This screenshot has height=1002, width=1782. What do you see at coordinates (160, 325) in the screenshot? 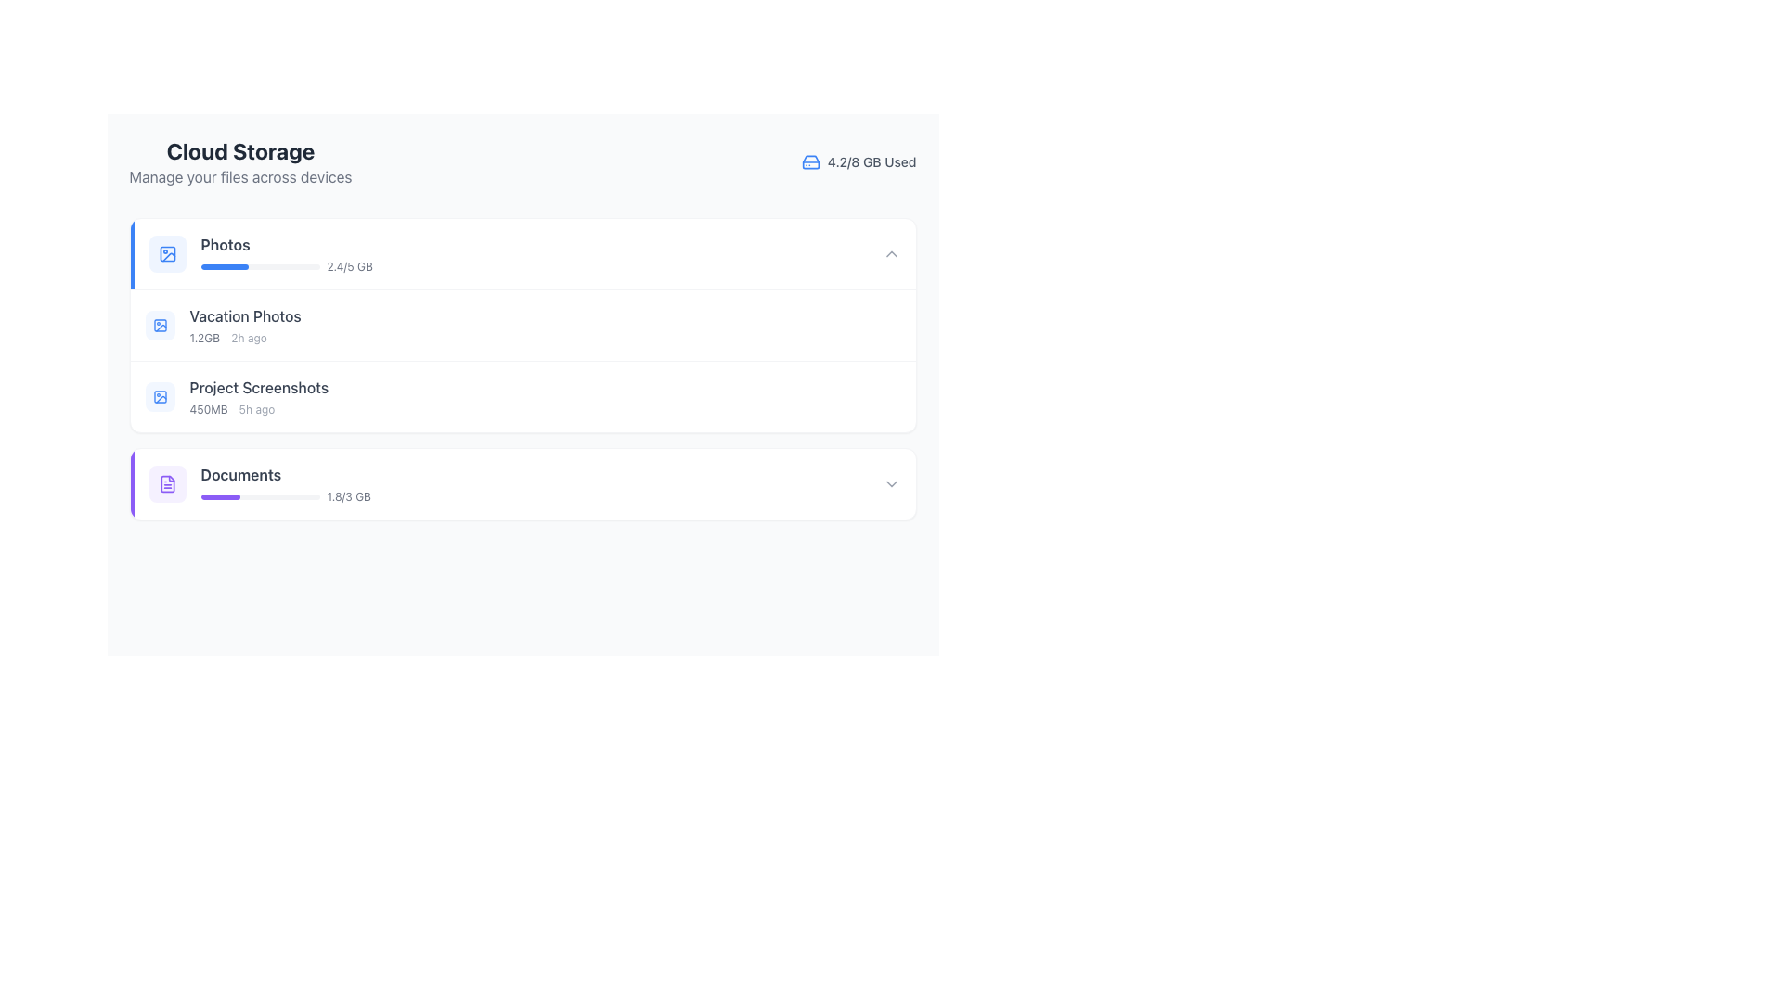
I see `the square-shaped icon with rounded edges and a faint blue background, which depicts a photo-like outline, located within the list item labeled 'Vacation Photos'` at bounding box center [160, 325].